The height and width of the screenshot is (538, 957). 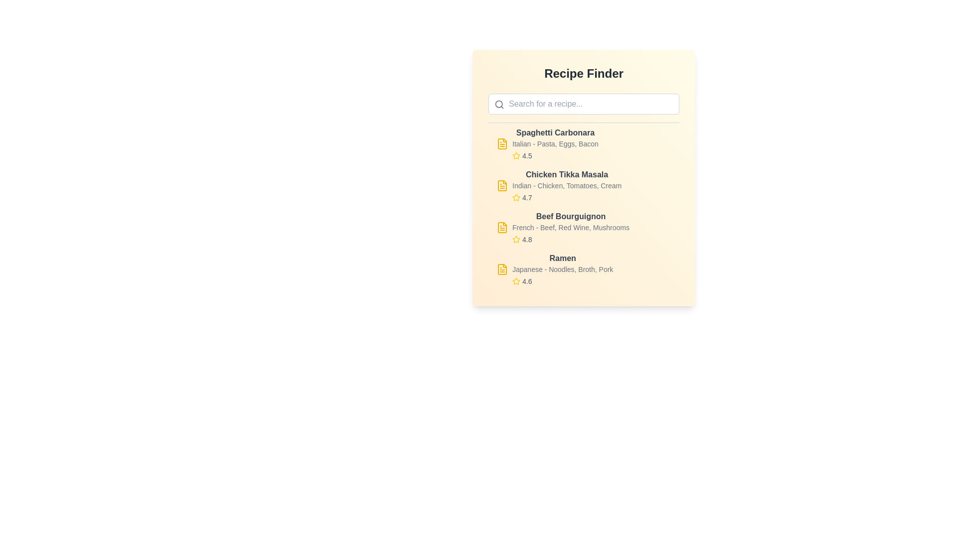 What do you see at coordinates (516, 198) in the screenshot?
I see `the rating represented by the yellow star icon with a gray outline located next to the text '4.7' in the first position of the rating system for the recipe 'Chicken Tikka Masala'` at bounding box center [516, 198].